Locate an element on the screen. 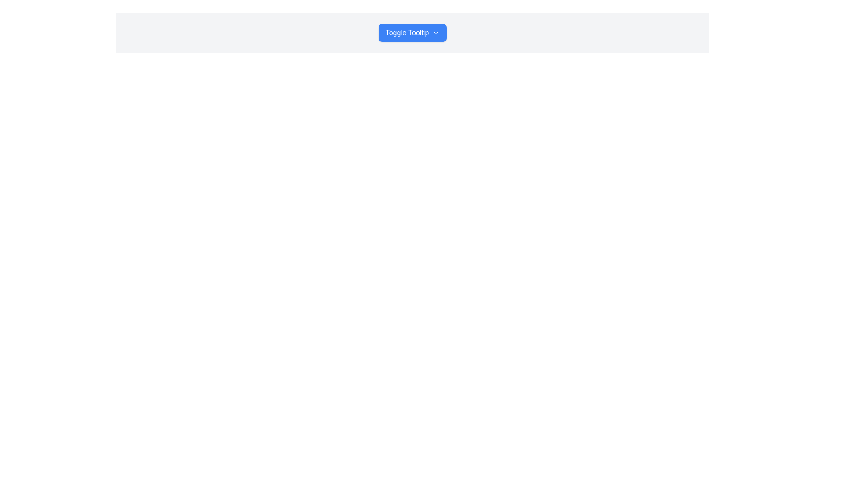 The width and height of the screenshot is (856, 481). the 'Toggle Tooltip' button with a blue background and white text is located at coordinates (412, 32).